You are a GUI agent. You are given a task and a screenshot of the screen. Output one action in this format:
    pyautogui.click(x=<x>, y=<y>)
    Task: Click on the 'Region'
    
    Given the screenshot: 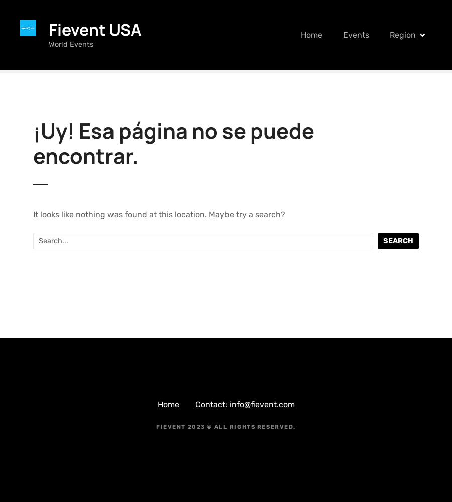 What is the action you would take?
    pyautogui.click(x=402, y=34)
    